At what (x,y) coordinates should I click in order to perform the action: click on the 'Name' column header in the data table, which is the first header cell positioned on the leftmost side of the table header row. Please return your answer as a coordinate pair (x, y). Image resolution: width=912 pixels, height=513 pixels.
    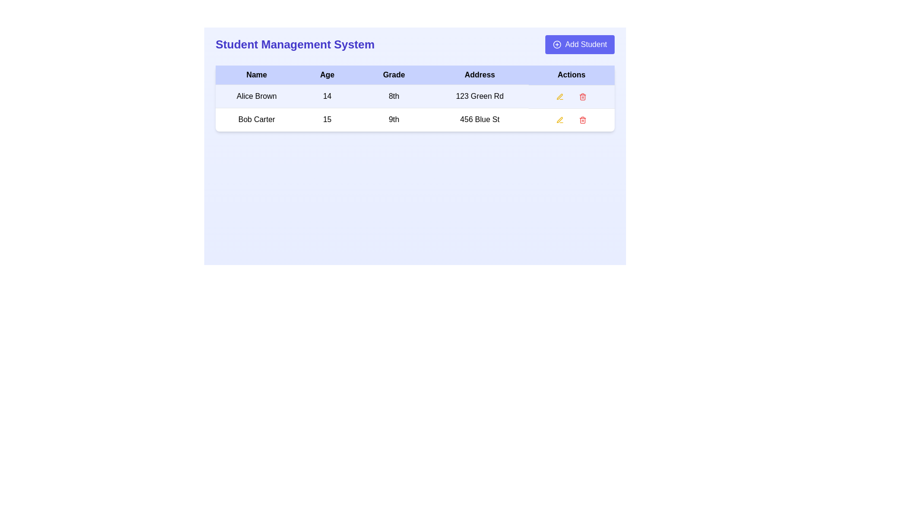
    Looking at the image, I should click on (256, 75).